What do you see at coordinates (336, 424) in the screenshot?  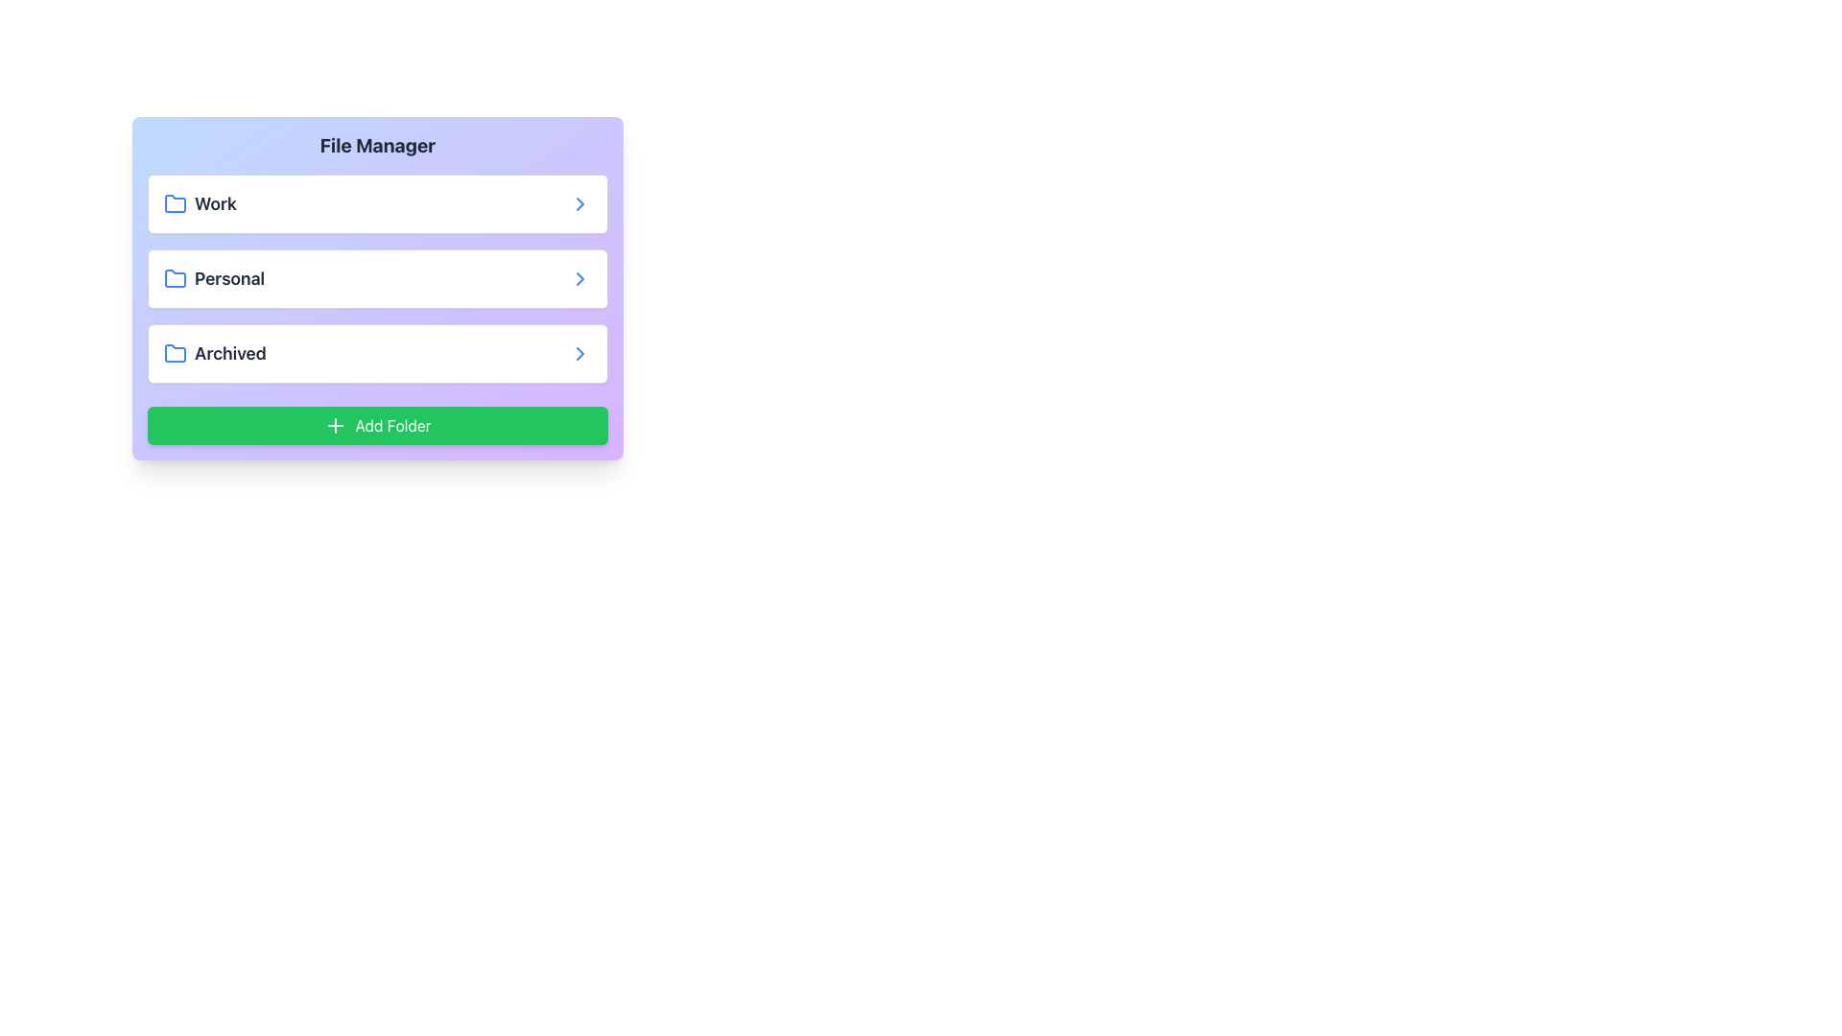 I see `the green 'Add Folder' button containing a white 'plus' sign icon, located at the bottom-center of the interface` at bounding box center [336, 424].